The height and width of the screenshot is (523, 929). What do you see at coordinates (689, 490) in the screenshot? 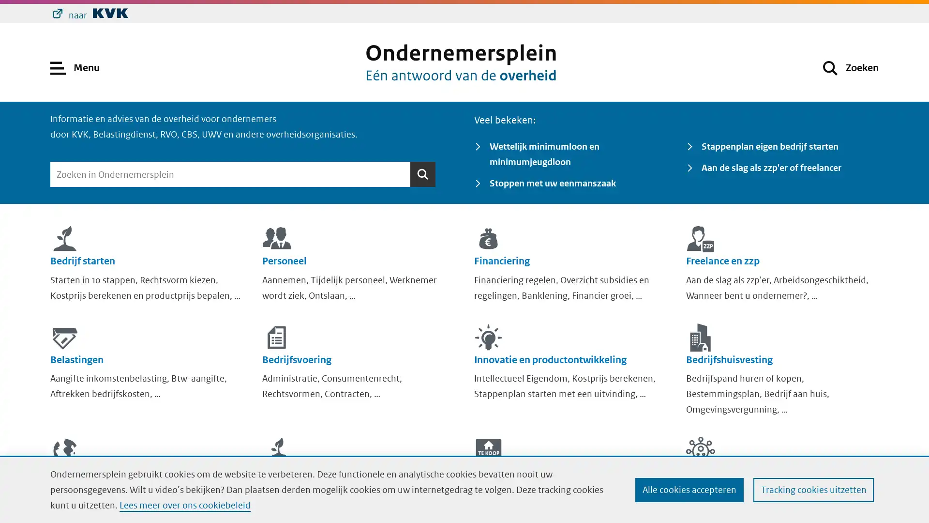
I see `Alle cookies accepteren` at bounding box center [689, 490].